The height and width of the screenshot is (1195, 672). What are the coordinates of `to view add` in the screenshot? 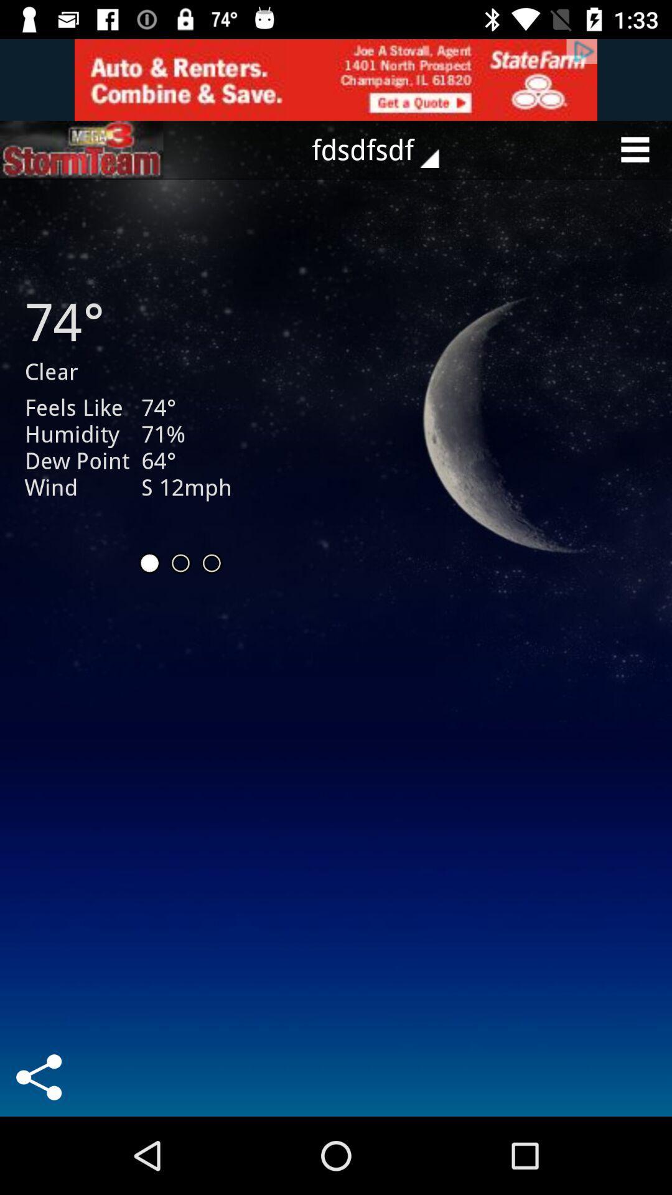 It's located at (336, 79).